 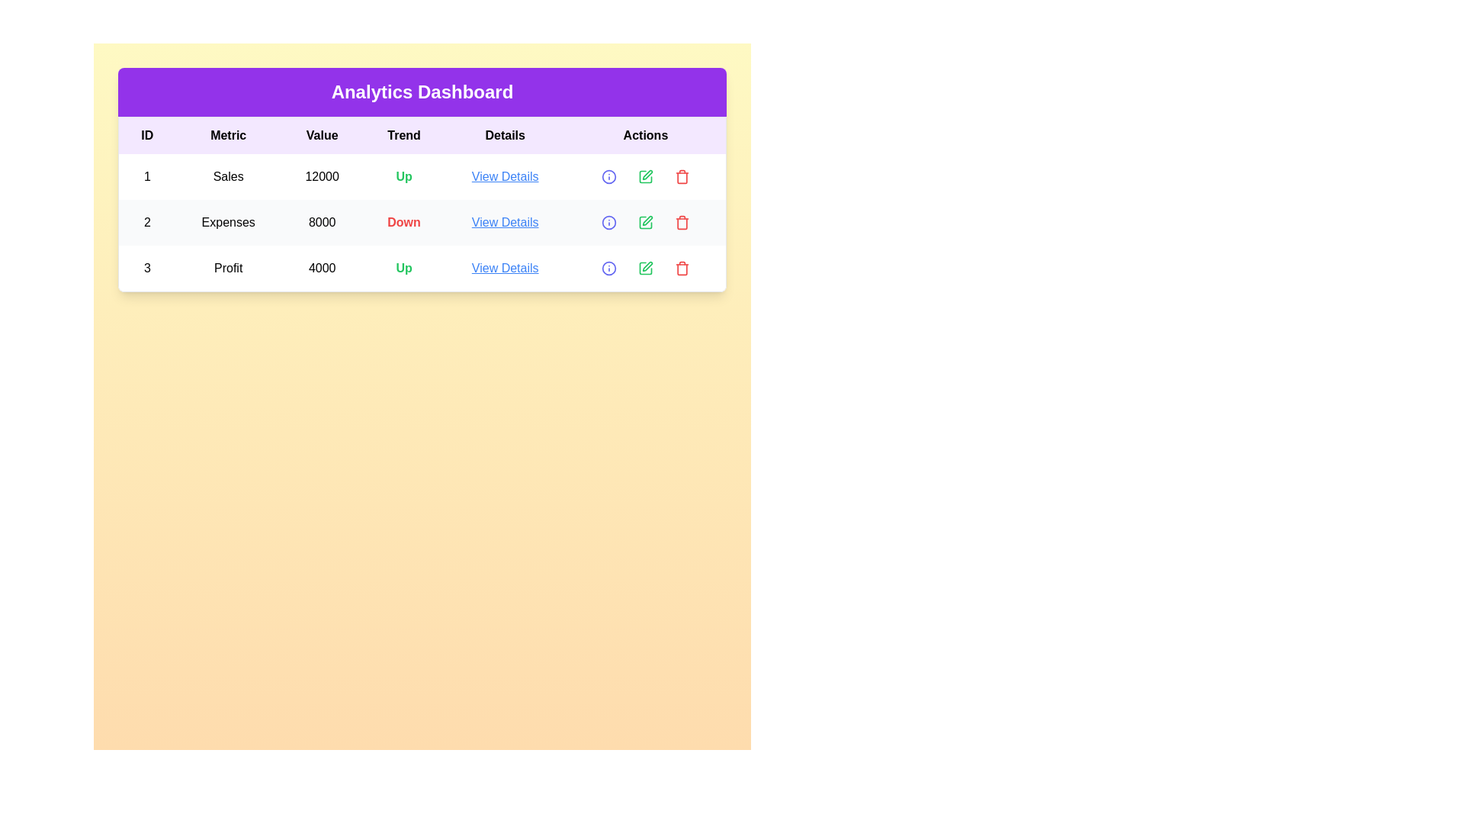 What do you see at coordinates (505, 223) in the screenshot?
I see `the hyperlink styled as text in the second row under the 'Details' column of the table` at bounding box center [505, 223].